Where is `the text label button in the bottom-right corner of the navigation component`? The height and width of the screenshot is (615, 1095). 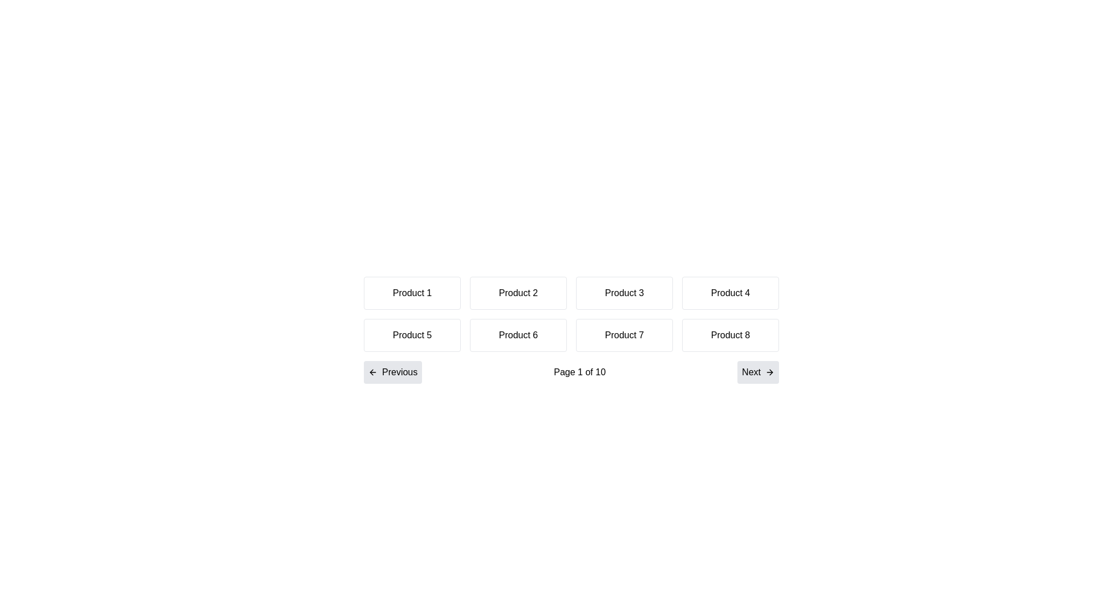
the text label button in the bottom-right corner of the navigation component is located at coordinates (751, 372).